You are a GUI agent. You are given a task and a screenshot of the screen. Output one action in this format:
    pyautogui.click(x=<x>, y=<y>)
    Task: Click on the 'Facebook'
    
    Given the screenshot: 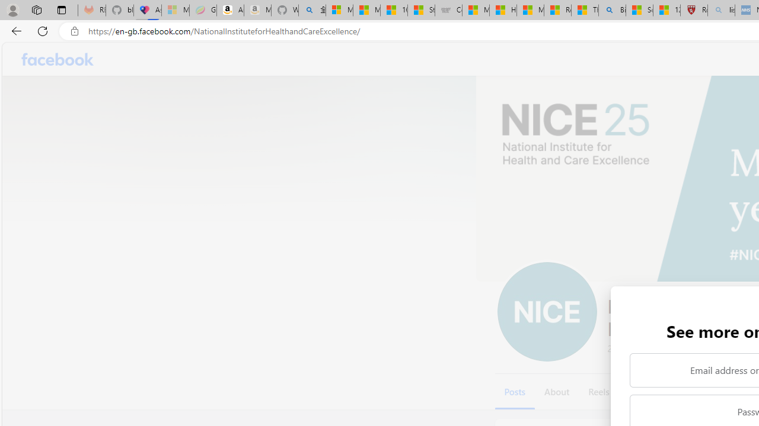 What is the action you would take?
    pyautogui.click(x=57, y=59)
    